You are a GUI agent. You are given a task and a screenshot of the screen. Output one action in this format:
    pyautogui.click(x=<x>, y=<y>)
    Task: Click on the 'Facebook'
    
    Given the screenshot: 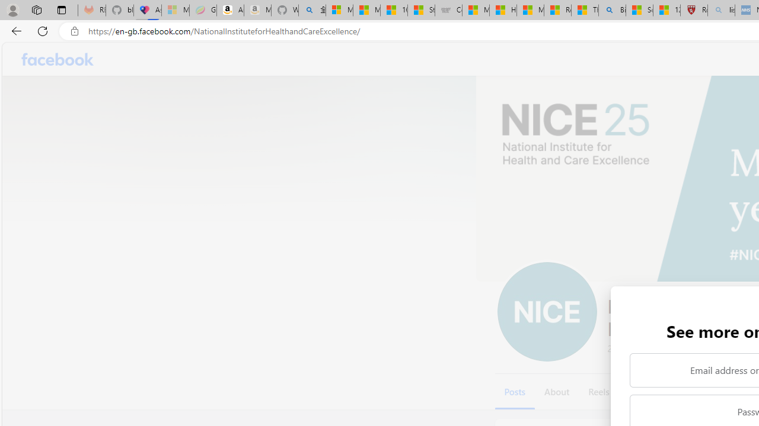 What is the action you would take?
    pyautogui.click(x=57, y=59)
    